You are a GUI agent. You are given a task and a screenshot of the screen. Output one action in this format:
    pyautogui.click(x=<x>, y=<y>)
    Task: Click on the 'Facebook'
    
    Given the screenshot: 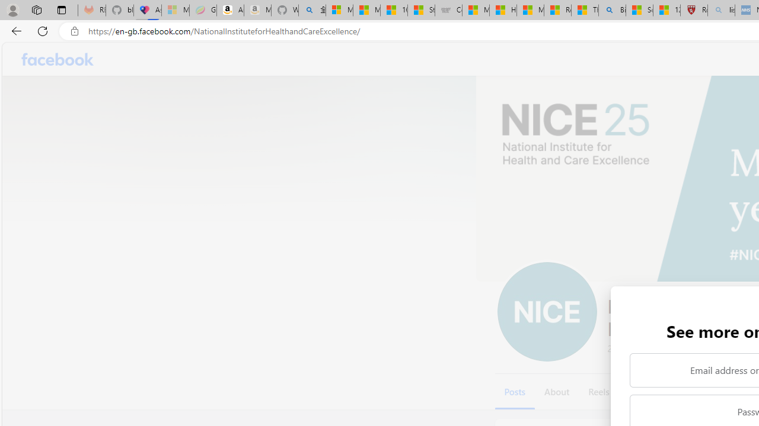 What is the action you would take?
    pyautogui.click(x=57, y=59)
    